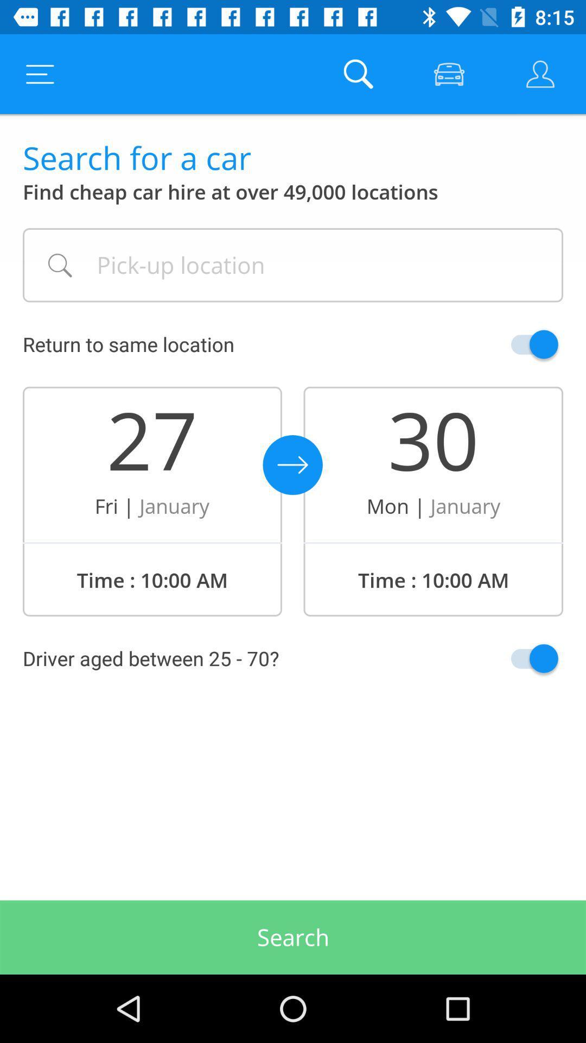 This screenshot has height=1043, width=586. What do you see at coordinates (509, 658) in the screenshot?
I see `acknowledge information` at bounding box center [509, 658].